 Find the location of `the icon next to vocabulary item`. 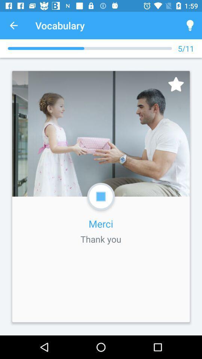

the icon next to vocabulary item is located at coordinates (190, 25).